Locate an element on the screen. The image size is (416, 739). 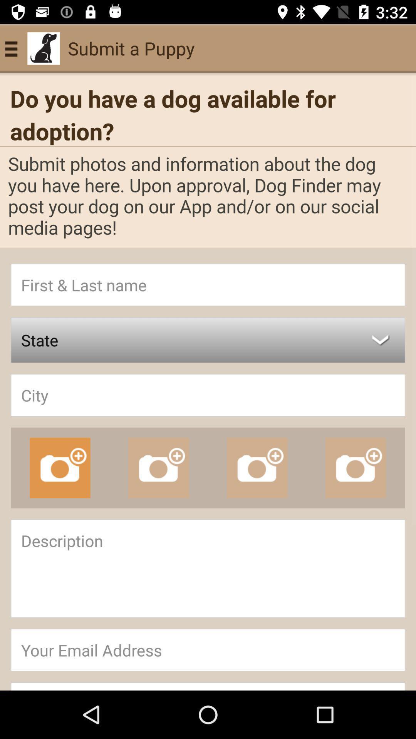
the photo icon is located at coordinates (356, 467).